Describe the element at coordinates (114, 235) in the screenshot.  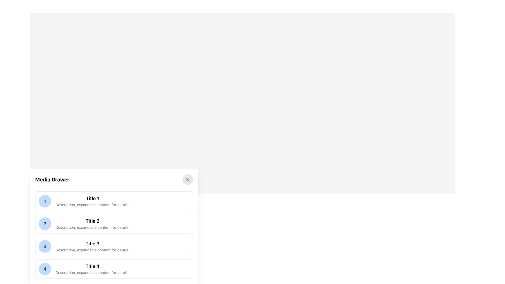
I see `the second list item in the vertical scrollable list within the 'Media Drawer'` at that location.